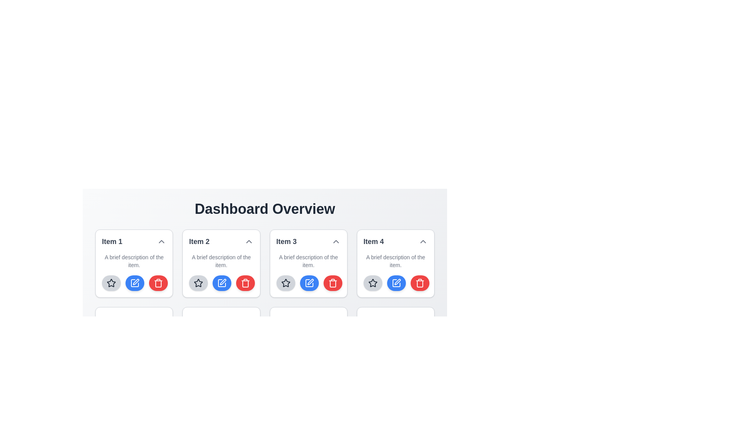  Describe the element at coordinates (336, 241) in the screenshot. I see `the toggle button located in the upper-right corner of the 'Item 3' card` at that location.